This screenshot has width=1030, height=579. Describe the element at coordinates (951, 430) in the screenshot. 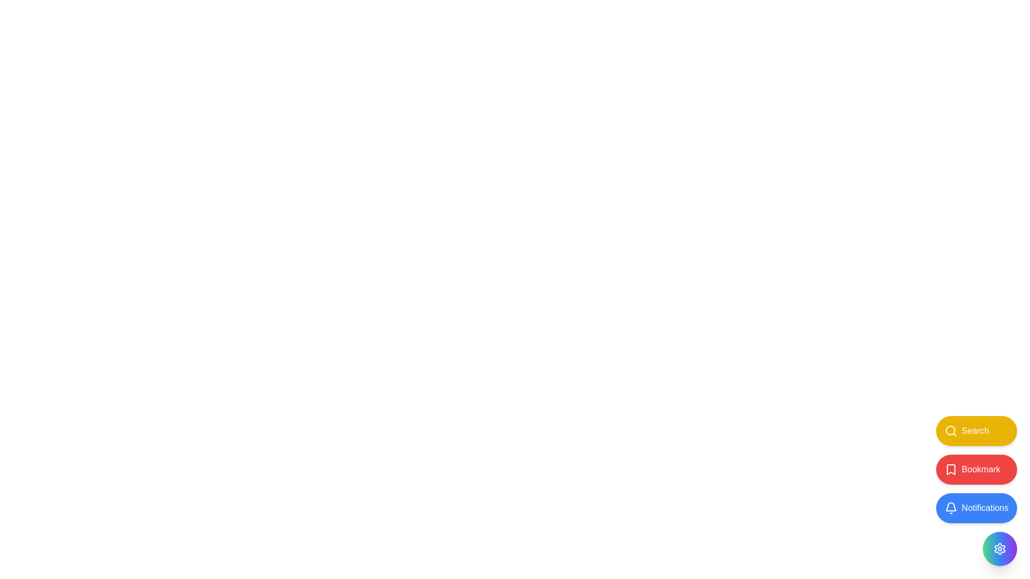

I see `the magnifying glass icon within the yellow circular 'Search' button` at that location.